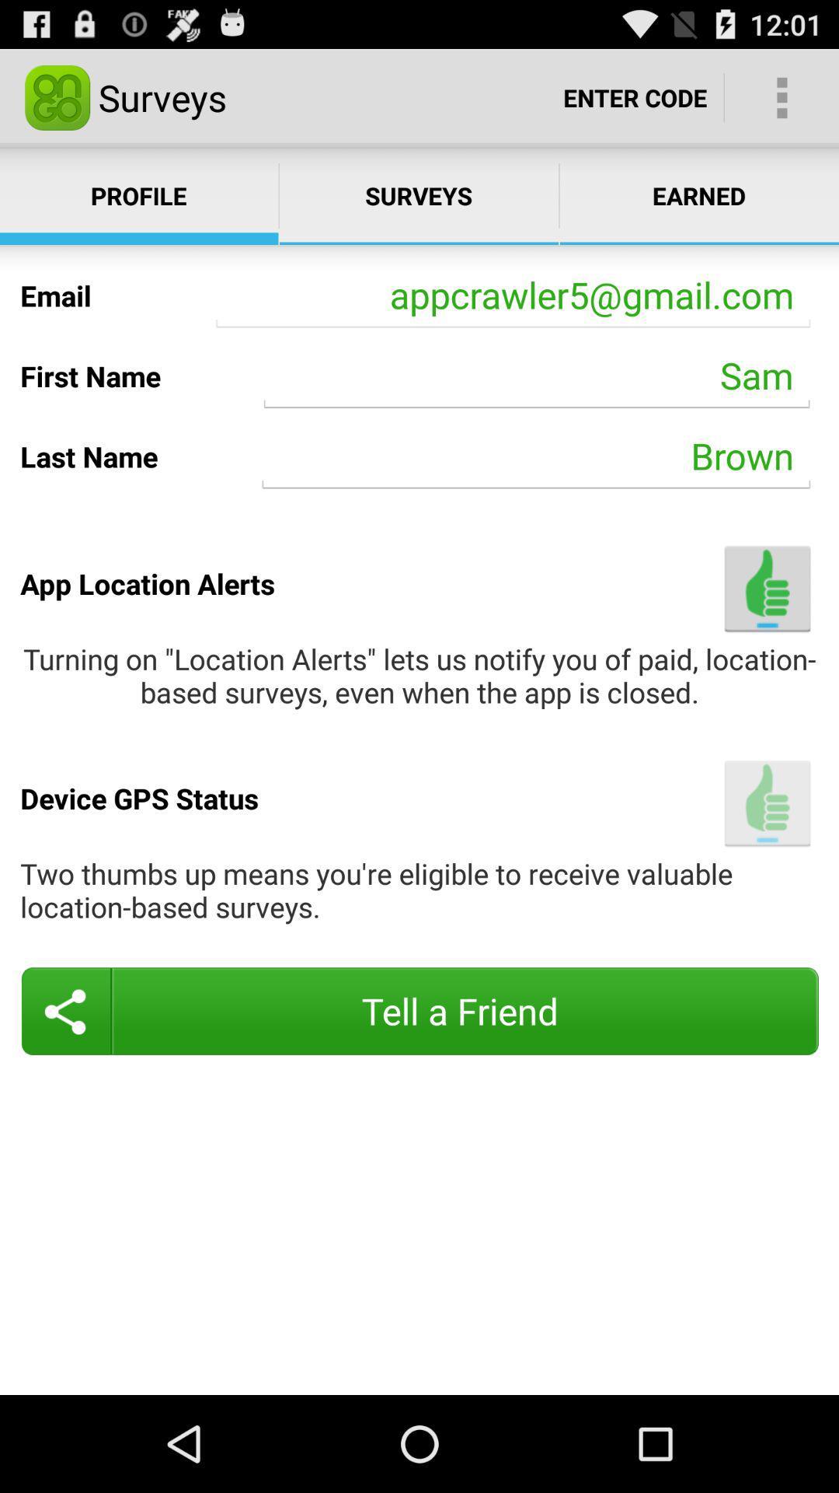 The height and width of the screenshot is (1493, 839). Describe the element at coordinates (536, 376) in the screenshot. I see `the sam` at that location.